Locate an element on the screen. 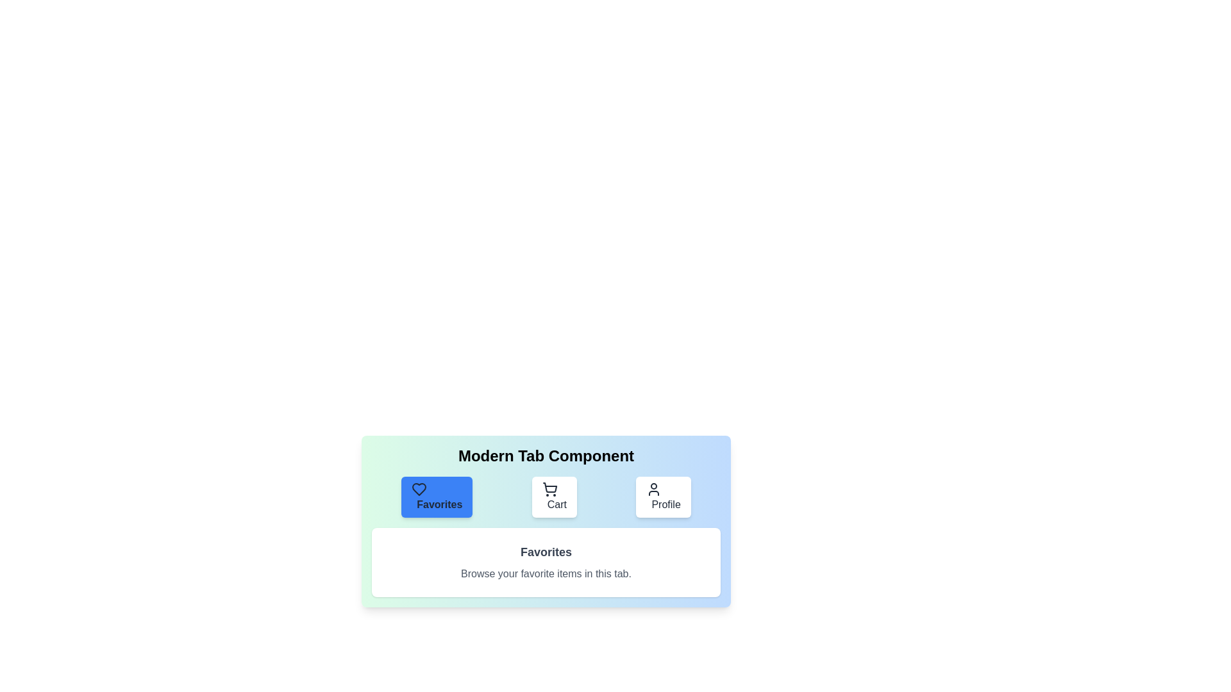 This screenshot has width=1231, height=692. the Cart tab by clicking its button is located at coordinates (554, 496).